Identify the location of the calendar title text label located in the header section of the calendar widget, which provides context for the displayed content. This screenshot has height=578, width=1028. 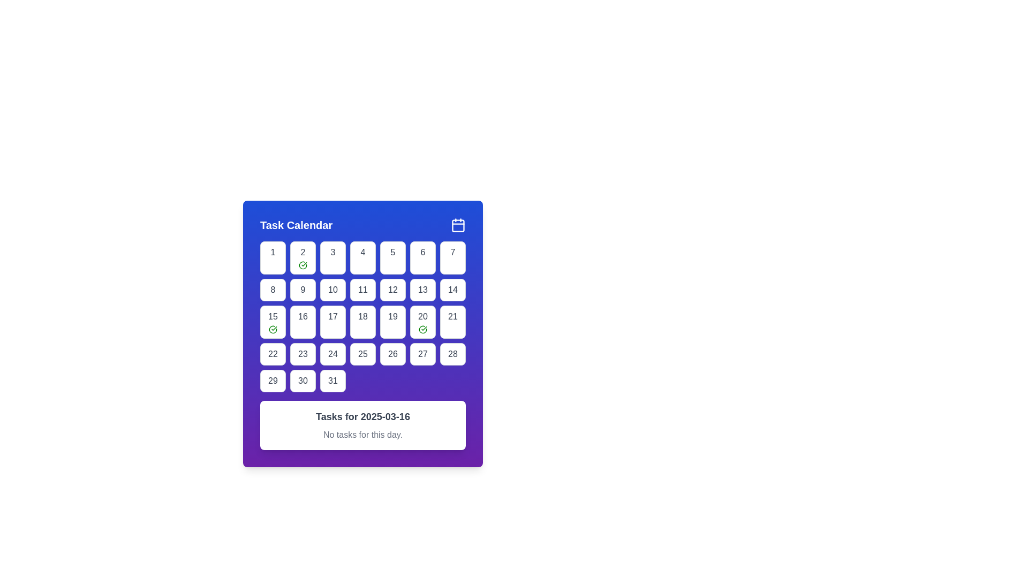
(296, 224).